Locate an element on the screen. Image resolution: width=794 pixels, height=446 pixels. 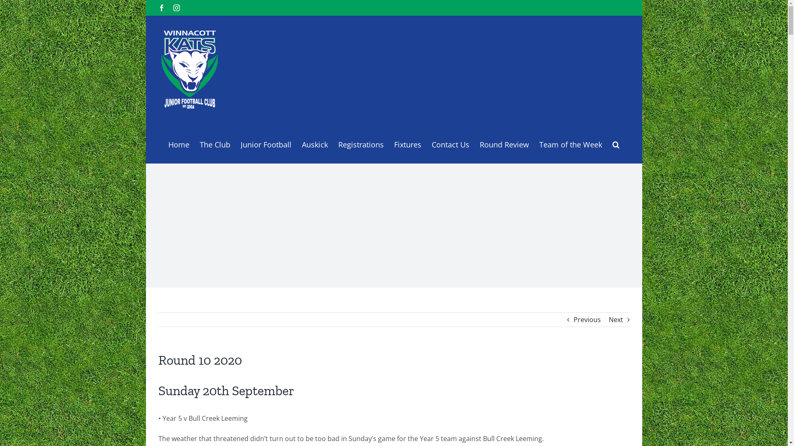
'Facebook' is located at coordinates (161, 8).